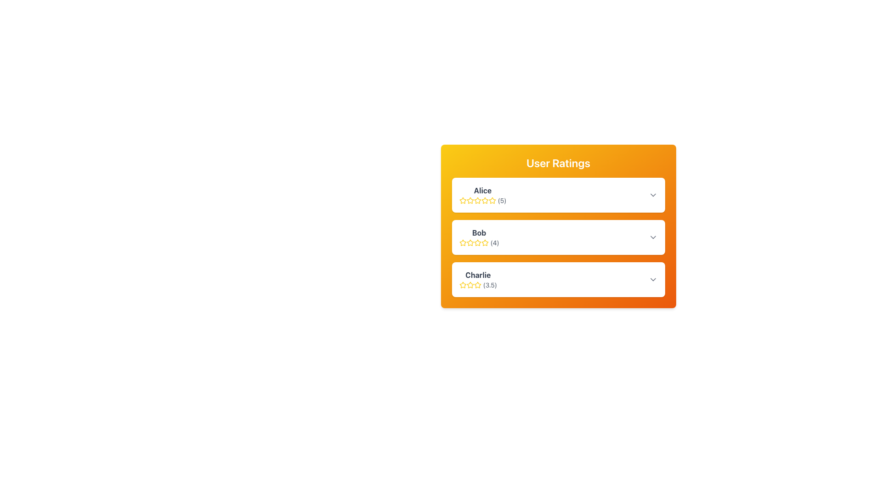 The image size is (882, 496). What do you see at coordinates (482, 194) in the screenshot?
I see `rating of the user 'Alice' displayed with 5 yellow stars and the numerical rating '(5)' in the first position of the user entries list` at bounding box center [482, 194].